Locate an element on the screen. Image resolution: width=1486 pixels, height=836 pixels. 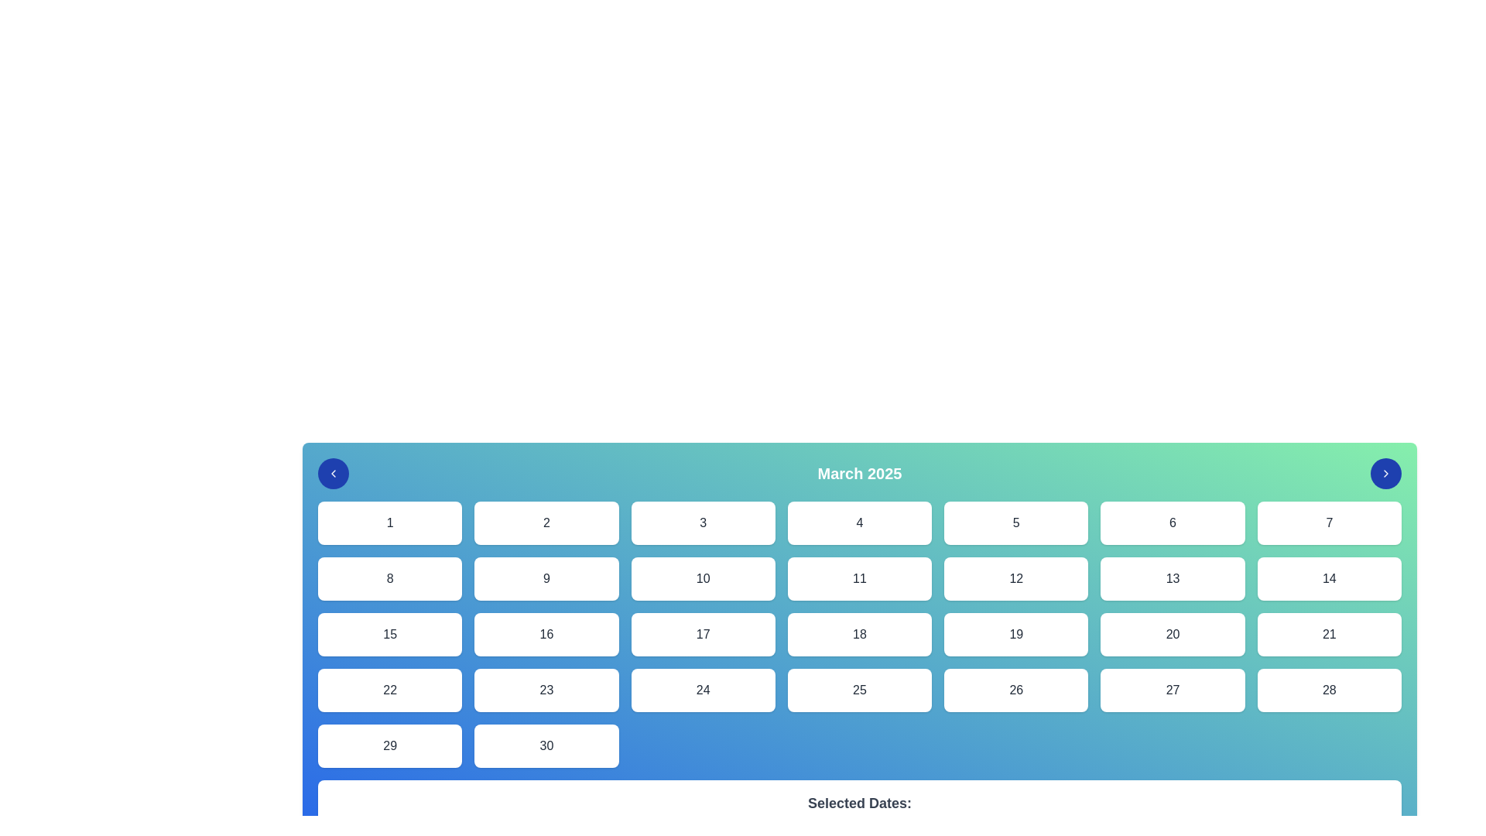
the selectable box containing the number '6' in dark gray text is located at coordinates (1173, 522).